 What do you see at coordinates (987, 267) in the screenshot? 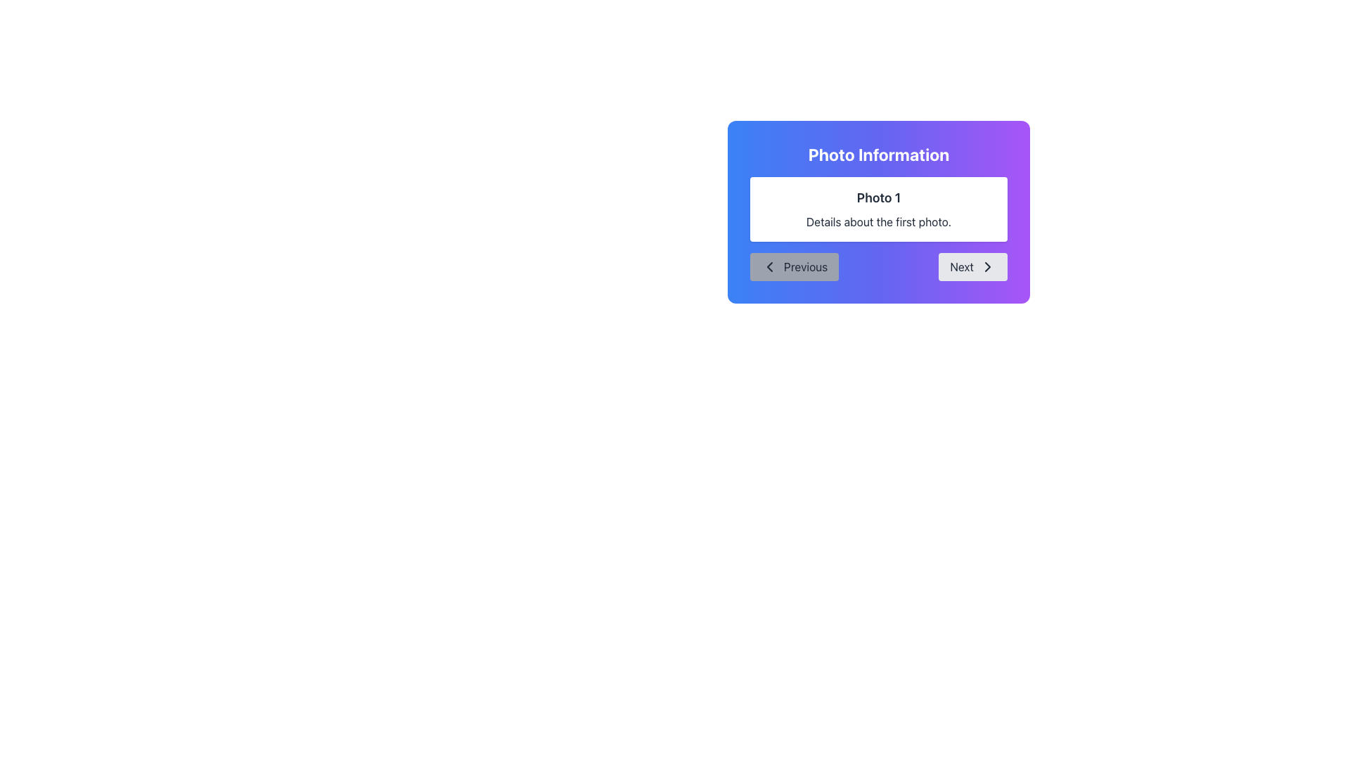
I see `the arrow icon element, which is a vector graphic representing navigation to the next step, located within the 'Next' button at the bottom-right corner of the modal dialog` at bounding box center [987, 267].